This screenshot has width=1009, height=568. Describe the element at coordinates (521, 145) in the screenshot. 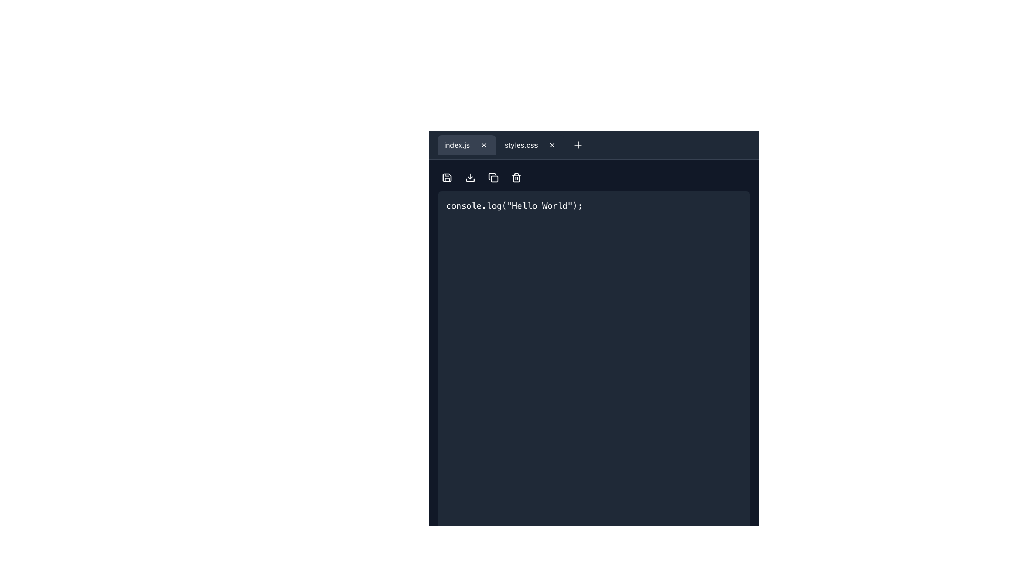

I see `the text label element that identifies the 'styles.css' tab in the navigation bar of the coding interface` at that location.